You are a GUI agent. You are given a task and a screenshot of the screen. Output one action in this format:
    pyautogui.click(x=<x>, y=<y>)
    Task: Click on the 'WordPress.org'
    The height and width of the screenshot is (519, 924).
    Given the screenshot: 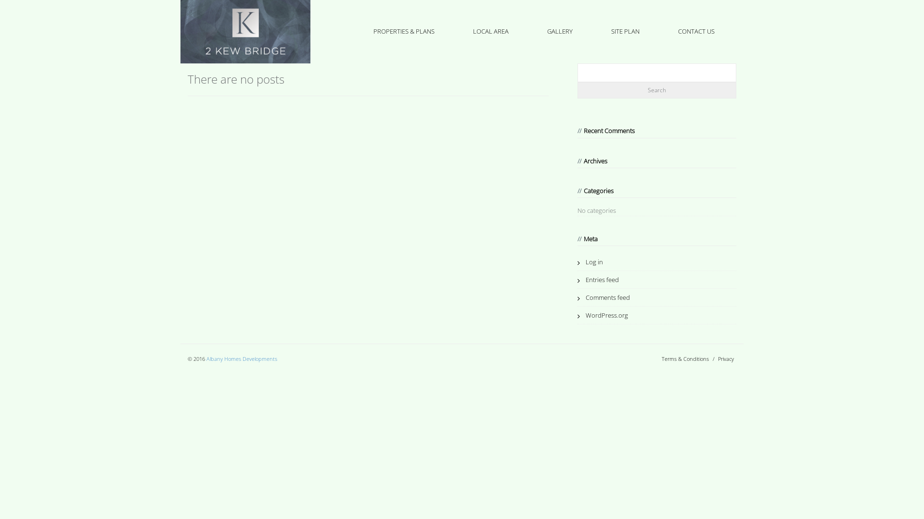 What is the action you would take?
    pyautogui.click(x=602, y=315)
    